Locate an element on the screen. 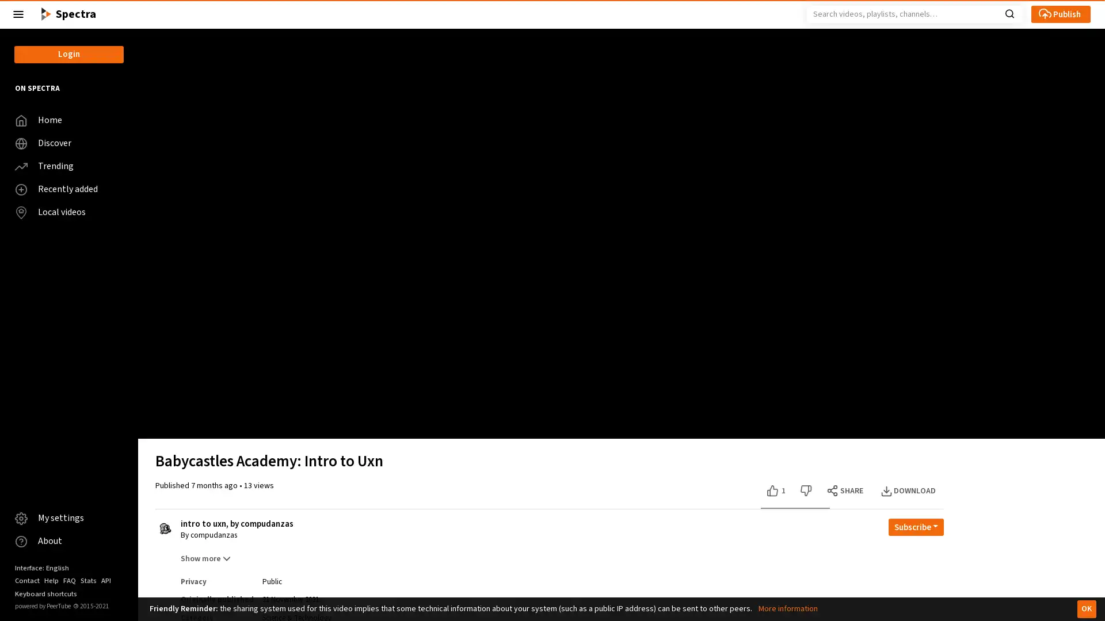 This screenshot has width=1105, height=621. Like this video is located at coordinates (777, 490).